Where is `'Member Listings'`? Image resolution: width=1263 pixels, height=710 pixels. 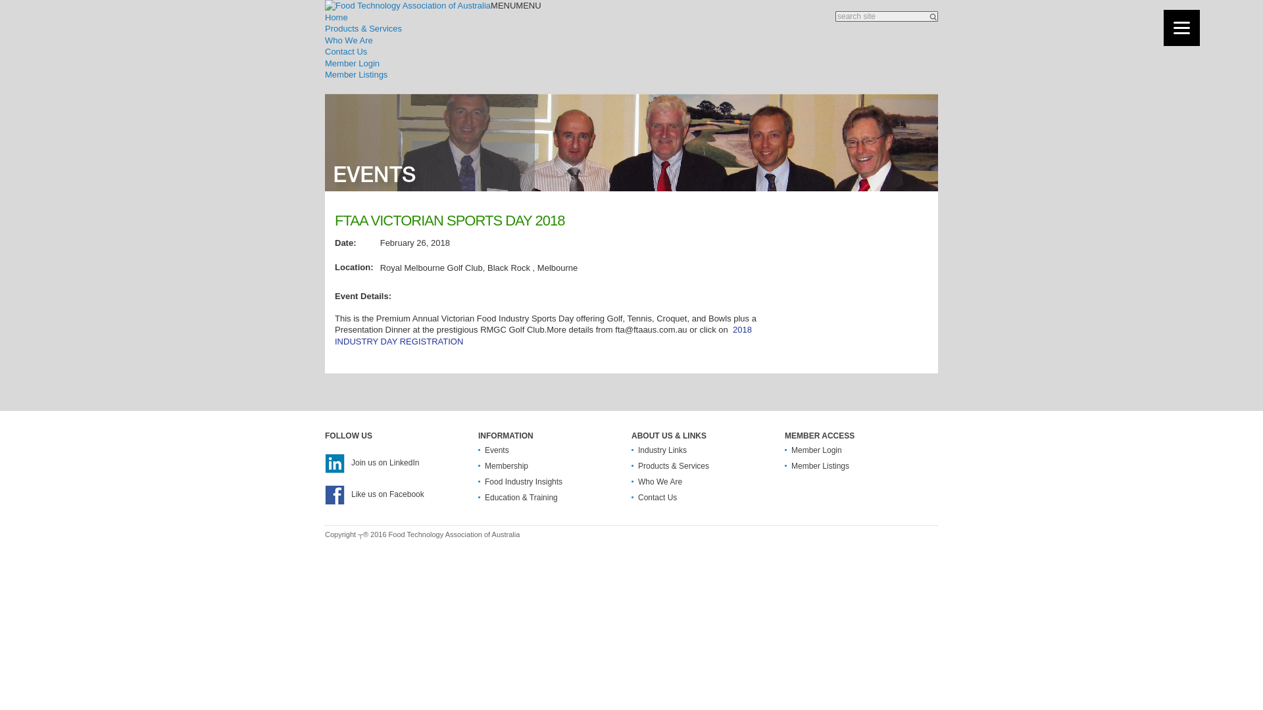 'Member Listings' is located at coordinates (820, 465).